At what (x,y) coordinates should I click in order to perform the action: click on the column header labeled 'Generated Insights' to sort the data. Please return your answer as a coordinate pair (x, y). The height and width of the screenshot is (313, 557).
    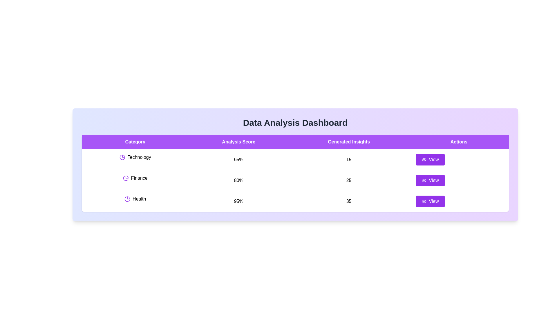
    Looking at the image, I should click on (349, 142).